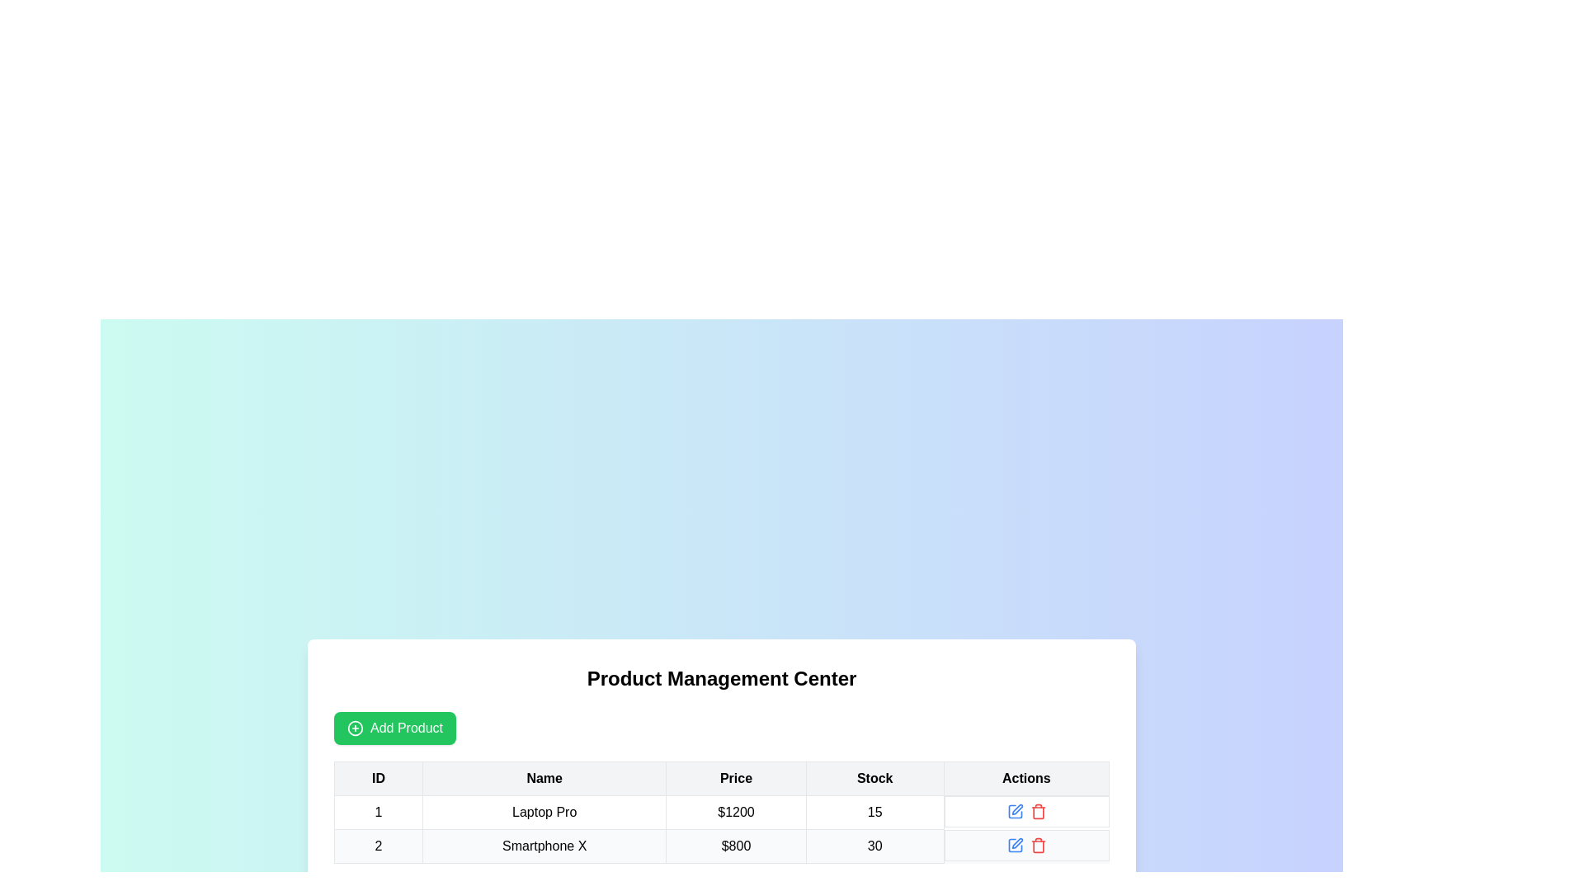 The image size is (1584, 891). What do you see at coordinates (721, 811) in the screenshot?
I see `a cell within the table displaying product information in the 'Product Management Center' to interact with its content` at bounding box center [721, 811].